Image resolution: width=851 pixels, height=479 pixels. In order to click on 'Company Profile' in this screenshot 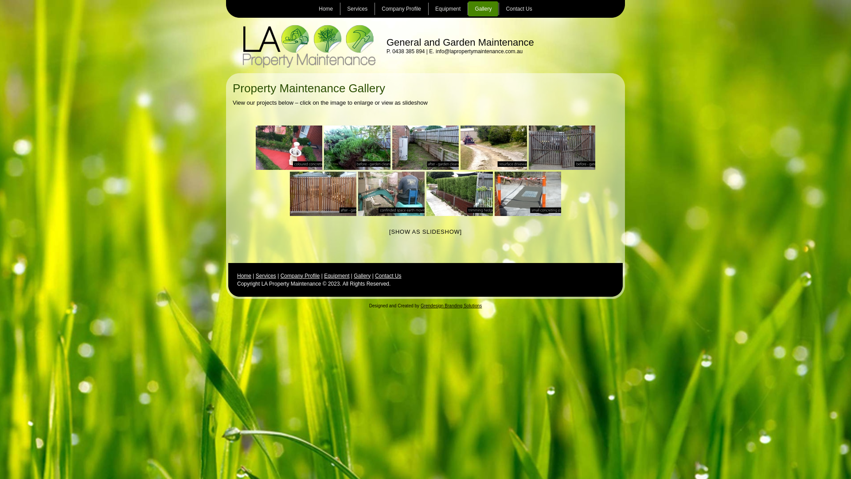, I will do `click(401, 8)`.